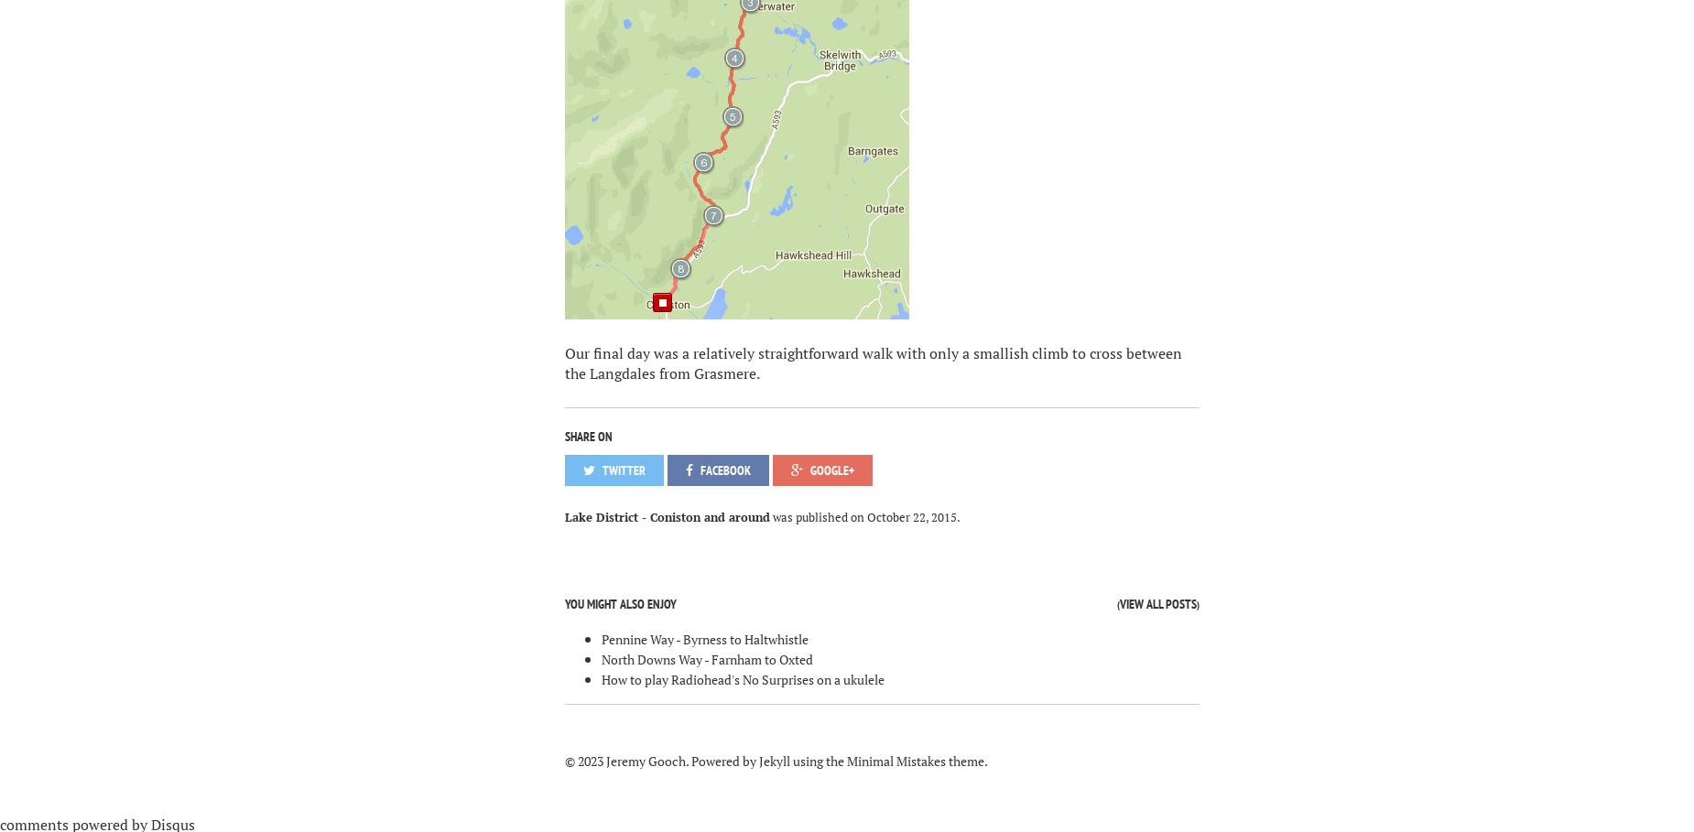 The width and height of the screenshot is (1694, 832). What do you see at coordinates (1157, 603) in the screenshot?
I see `'View all posts'` at bounding box center [1157, 603].